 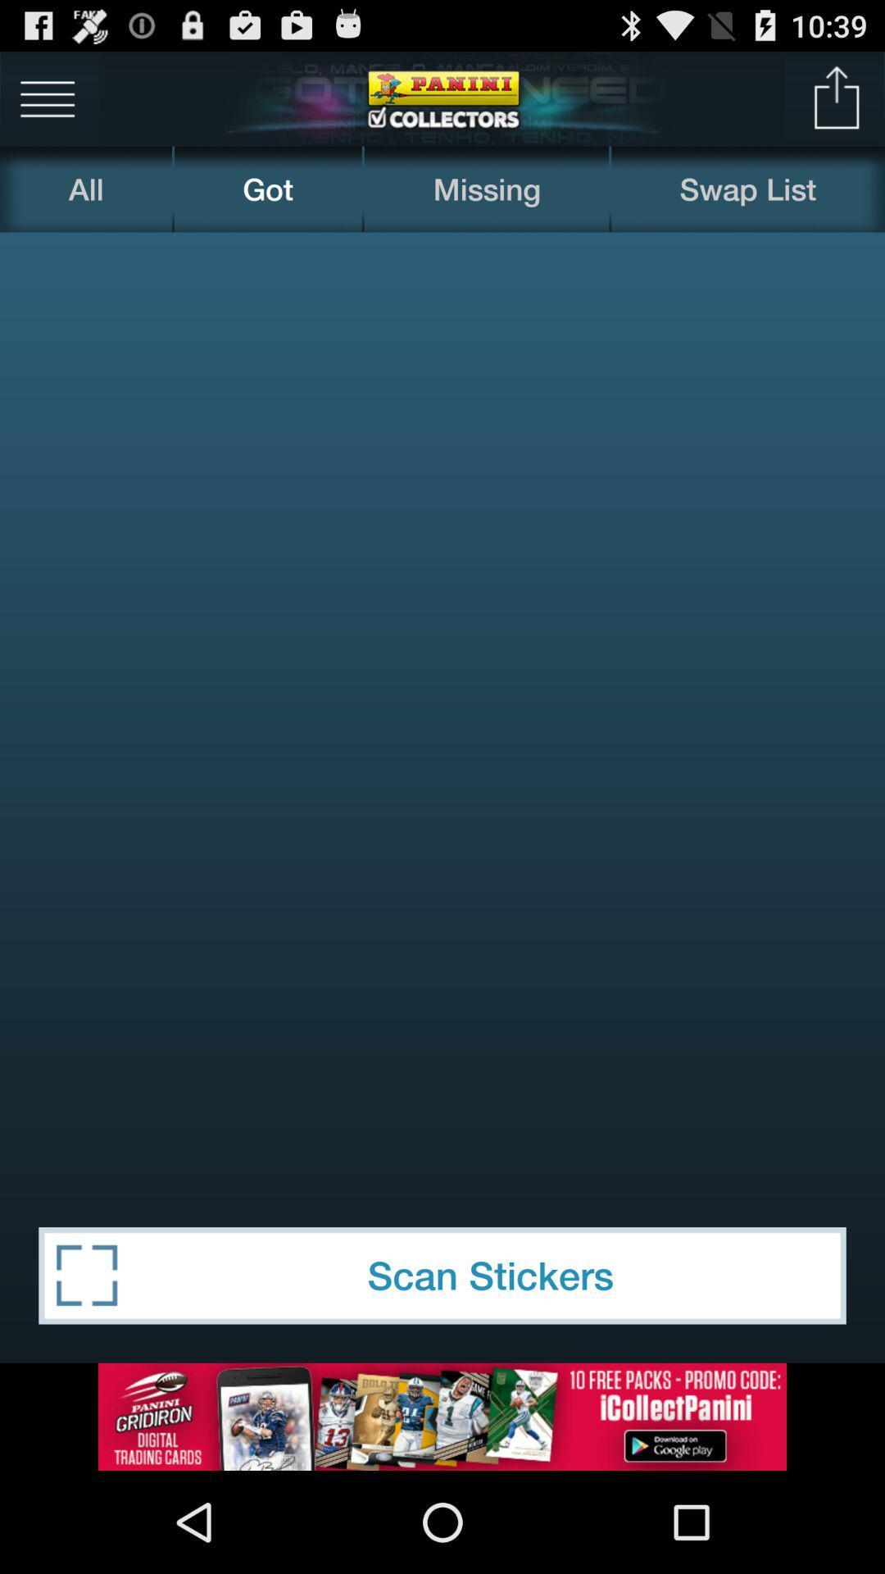 I want to click on the scan stickers item, so click(x=442, y=1275).